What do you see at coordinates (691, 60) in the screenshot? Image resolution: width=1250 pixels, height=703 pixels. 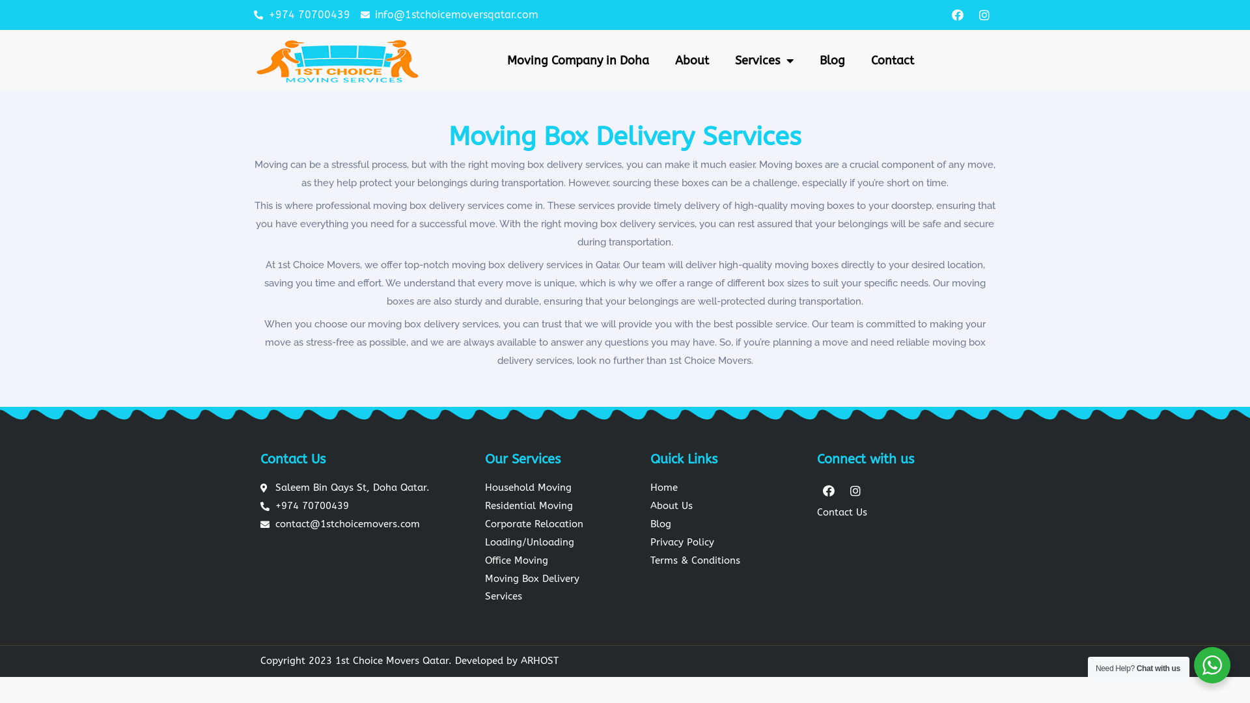 I see `'About'` at bounding box center [691, 60].